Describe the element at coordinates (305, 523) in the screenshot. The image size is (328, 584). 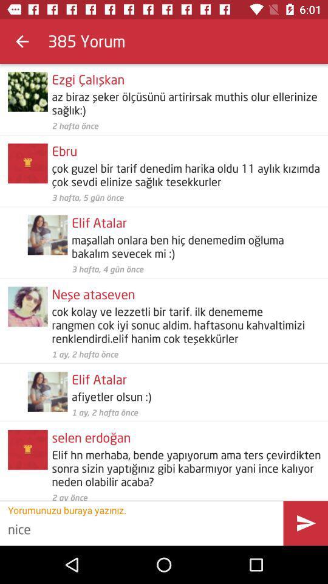
I see `the send icon` at that location.